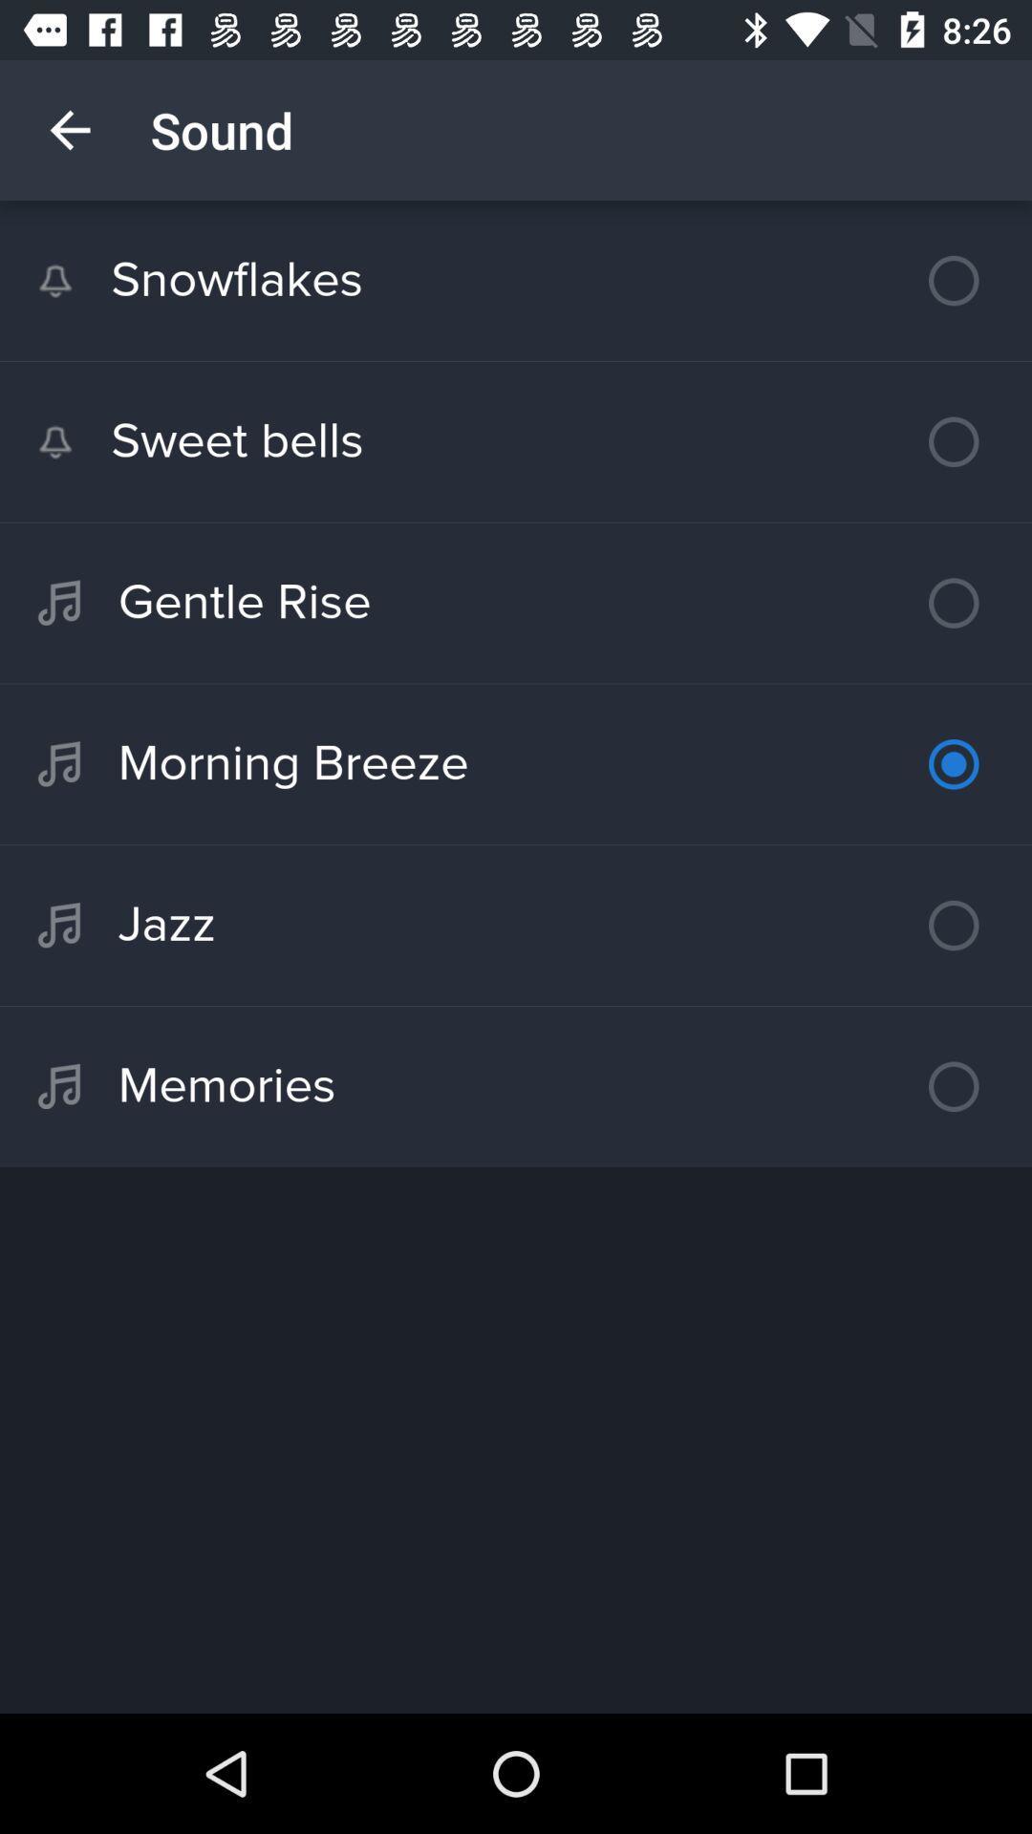 The image size is (1032, 1834). Describe the element at coordinates (516, 279) in the screenshot. I see `the icon above sweet bells` at that location.